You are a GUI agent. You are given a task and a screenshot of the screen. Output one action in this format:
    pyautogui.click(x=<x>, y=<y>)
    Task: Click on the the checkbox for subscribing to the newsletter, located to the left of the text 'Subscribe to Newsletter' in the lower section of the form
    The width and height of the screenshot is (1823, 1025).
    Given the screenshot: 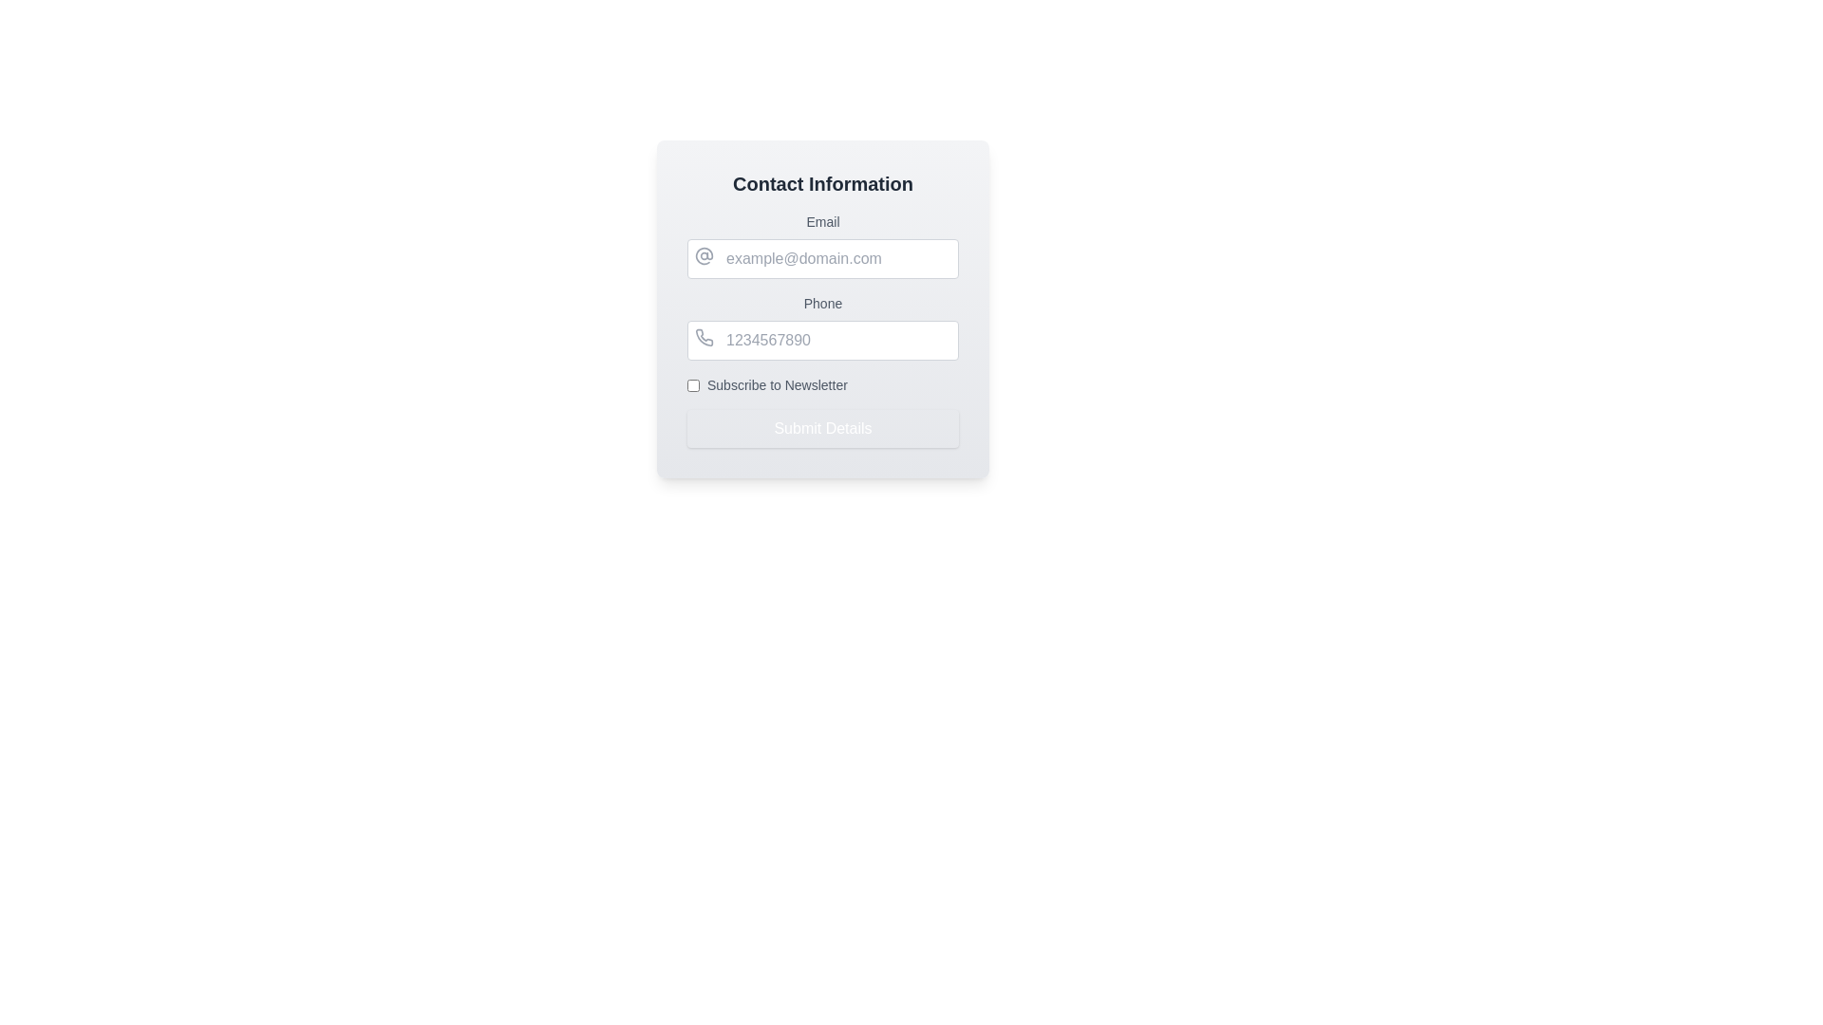 What is the action you would take?
    pyautogui.click(x=692, y=384)
    